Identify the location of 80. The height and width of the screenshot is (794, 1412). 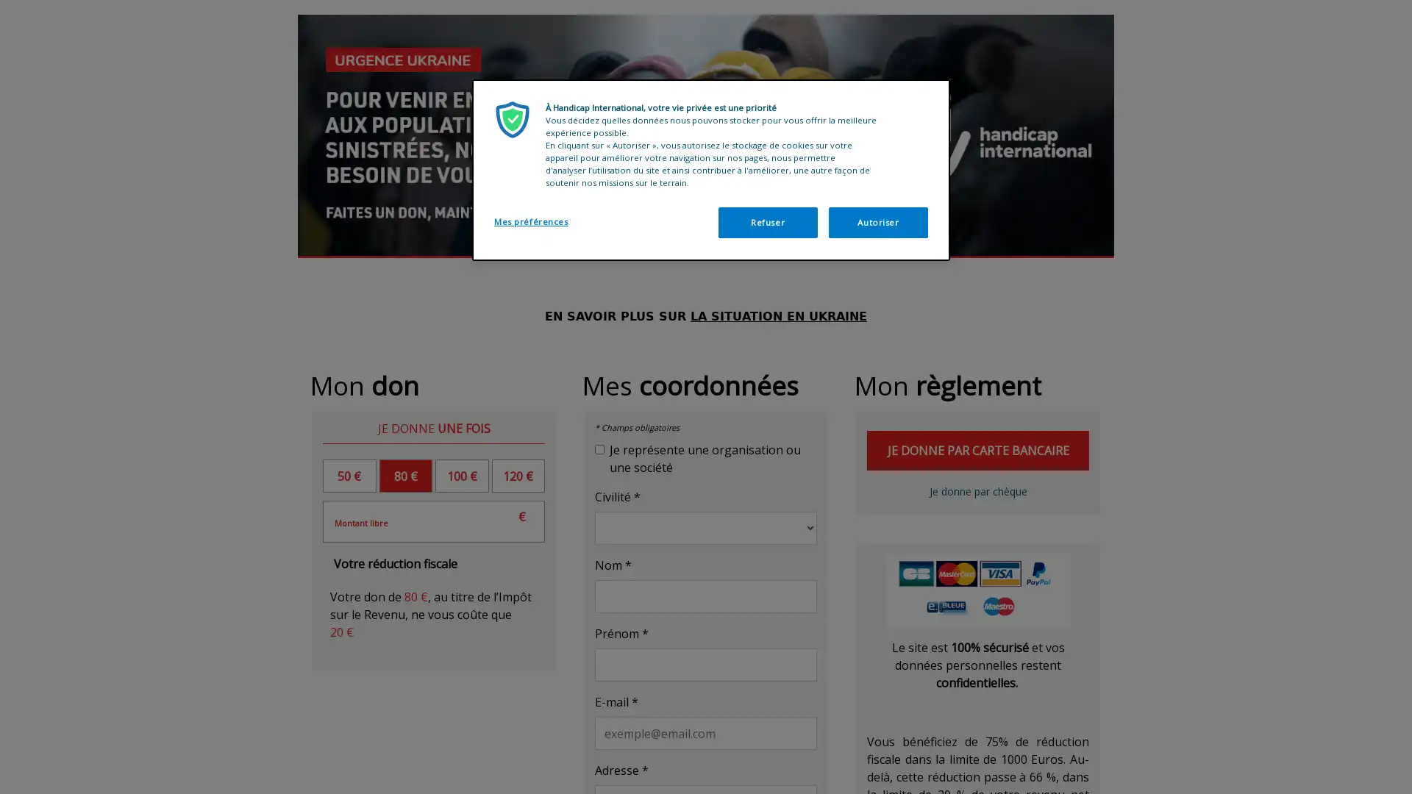
(405, 476).